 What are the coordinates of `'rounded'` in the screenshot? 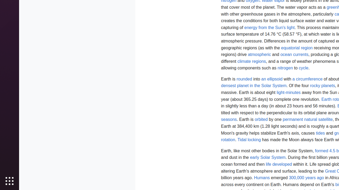 It's located at (244, 79).